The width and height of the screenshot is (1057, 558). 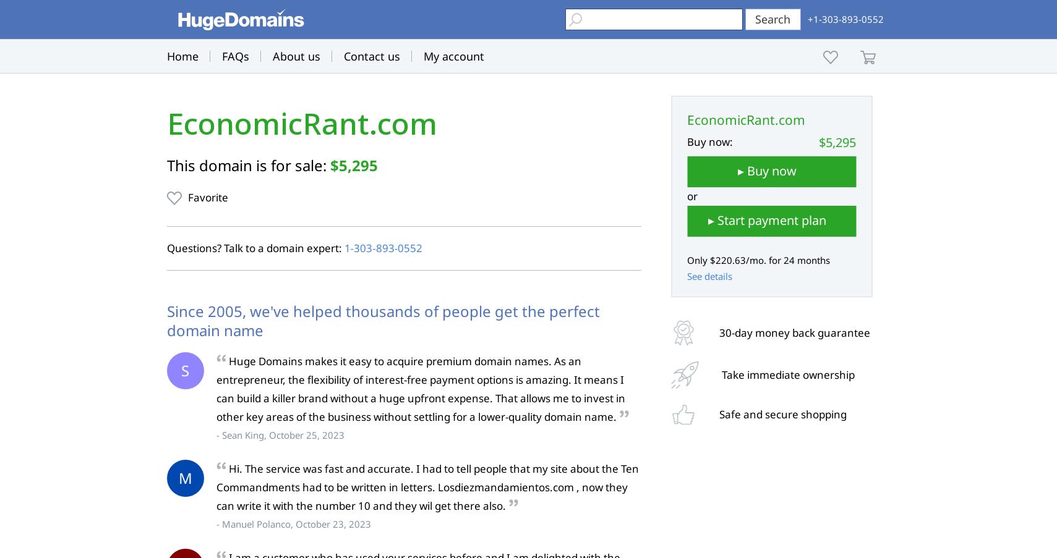 I want to click on 'M', so click(x=184, y=478).